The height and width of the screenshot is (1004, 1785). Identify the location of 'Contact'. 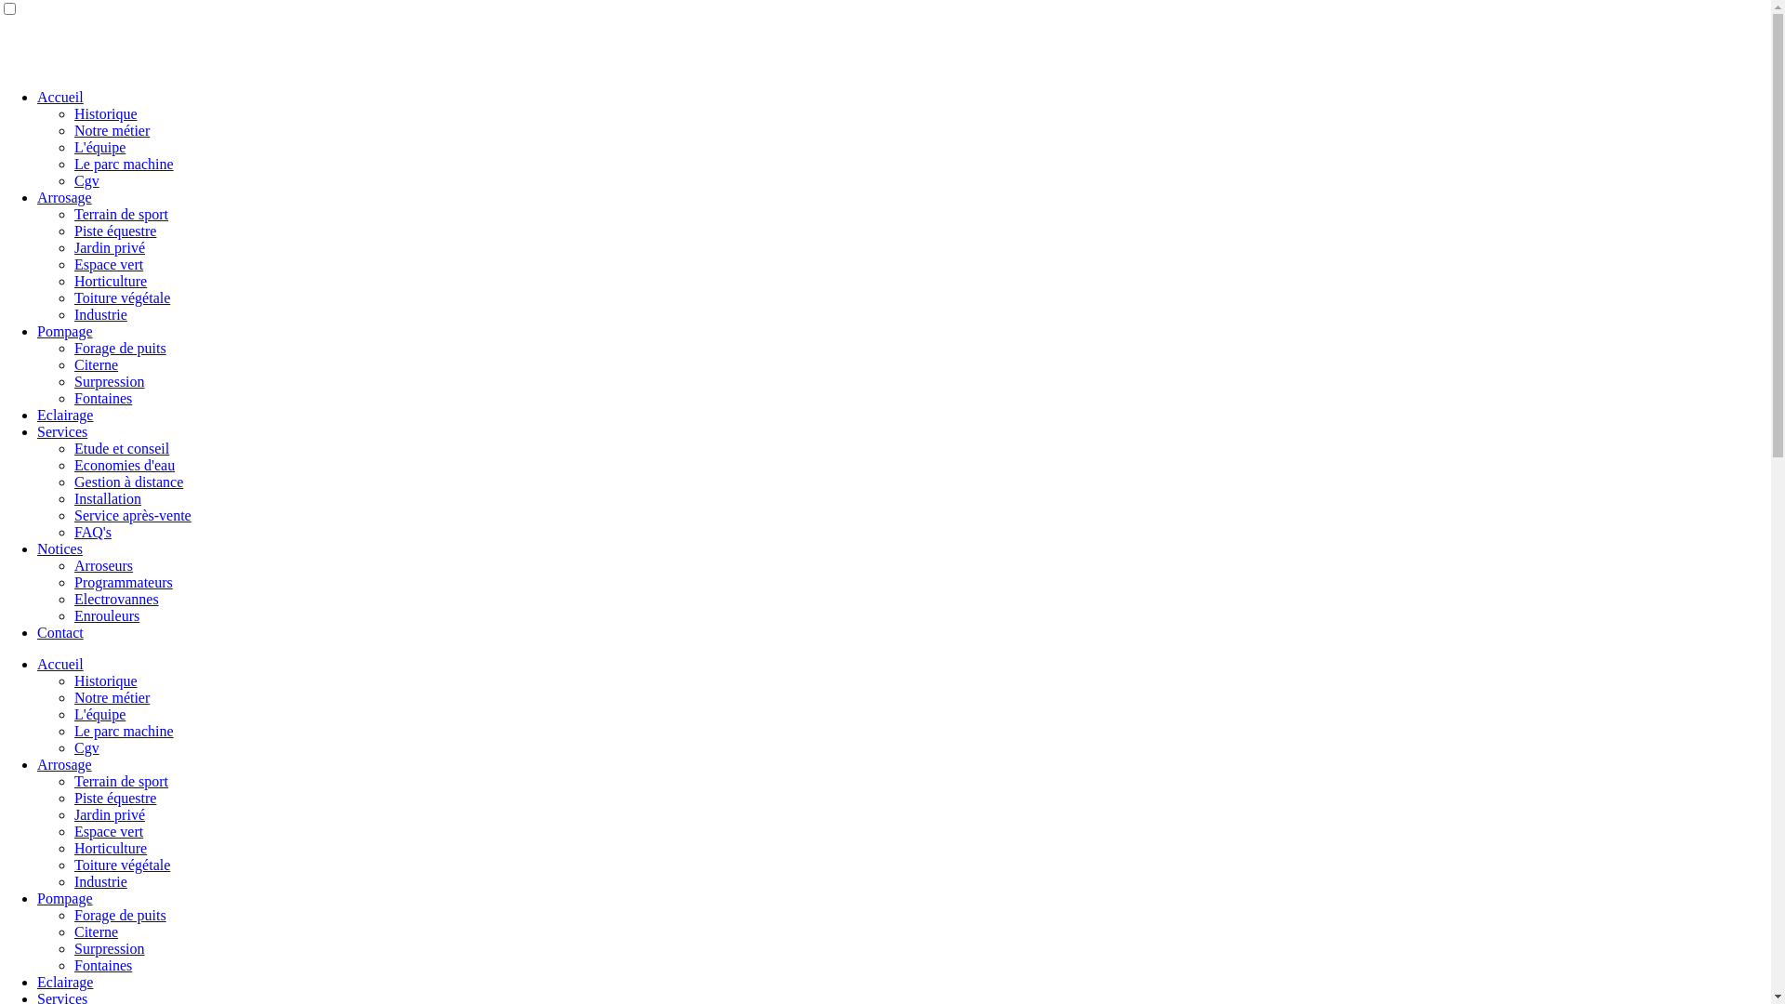
(36, 631).